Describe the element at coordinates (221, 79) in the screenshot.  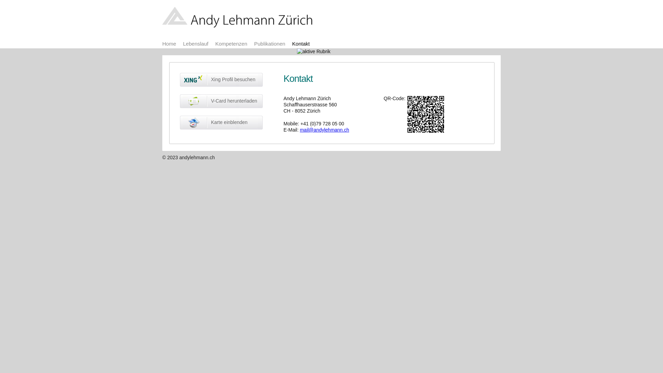
I see `'Xing Profil besuchen'` at that location.